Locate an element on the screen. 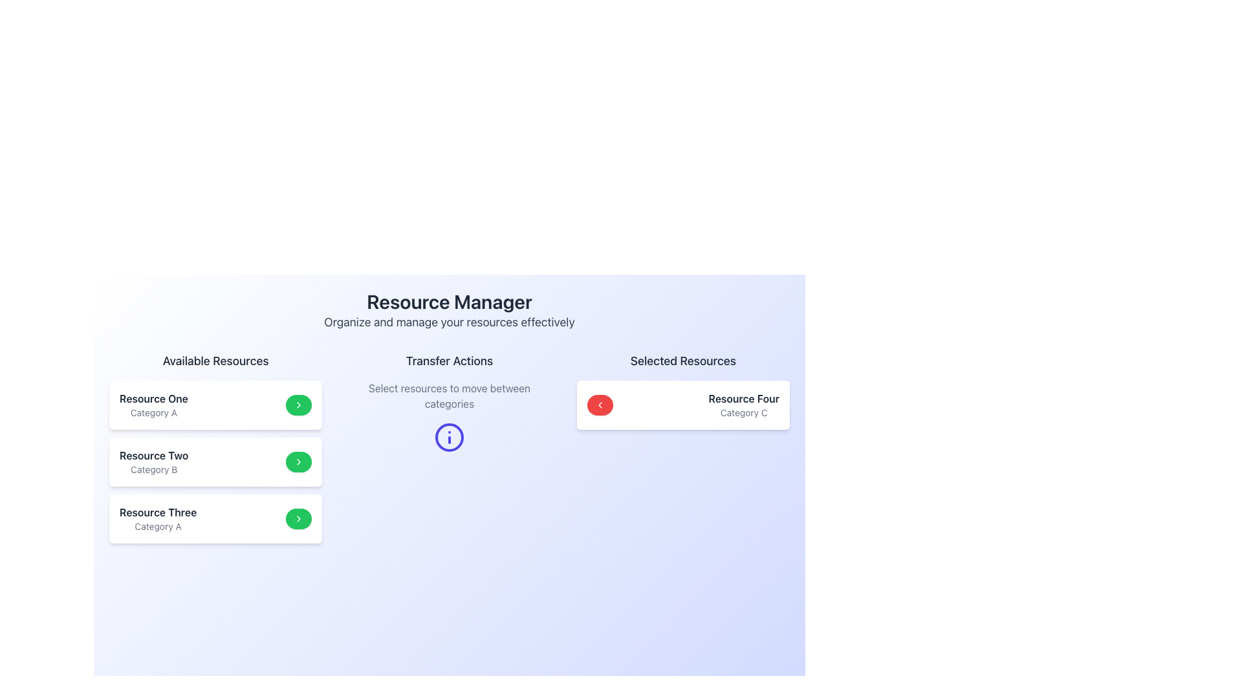 Image resolution: width=1242 pixels, height=698 pixels. the second resource entry in the 'Available Resources' list is located at coordinates (215, 461).